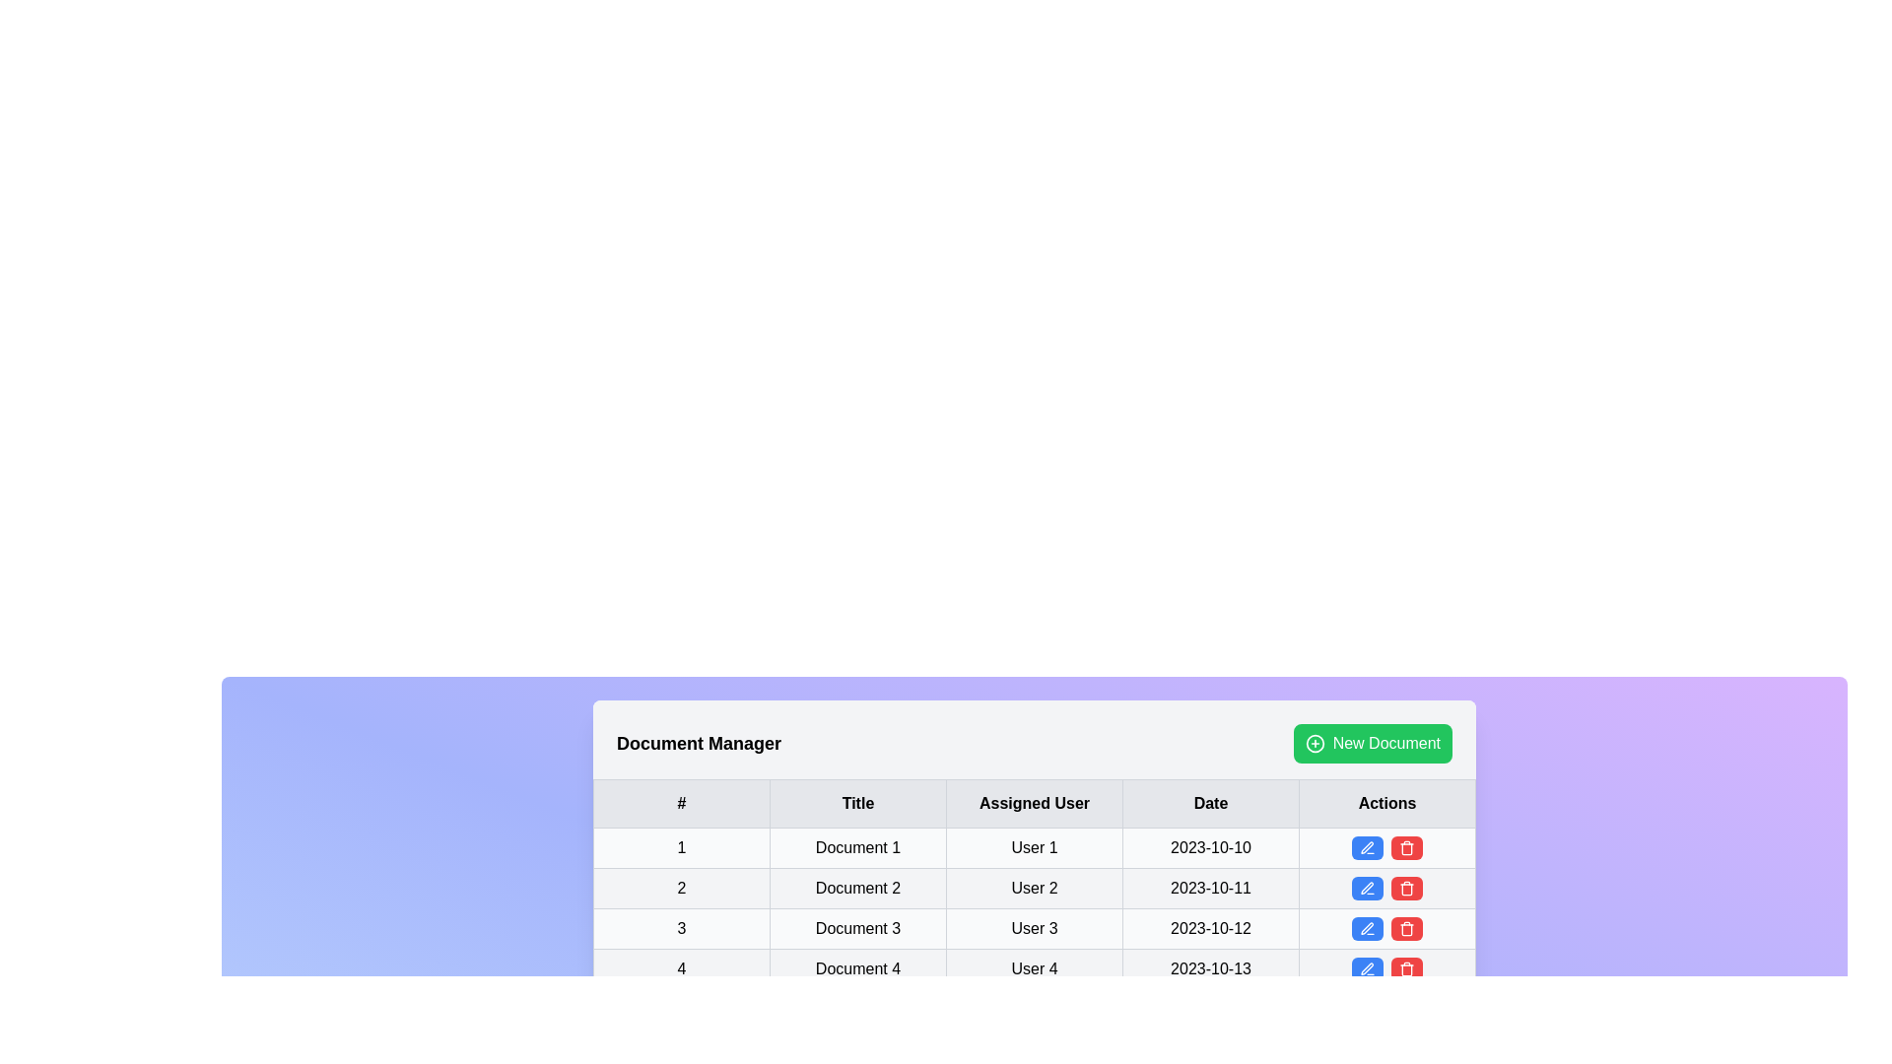  I want to click on the fourth row's 'Actions' column widget in the table, so click(1385, 889).